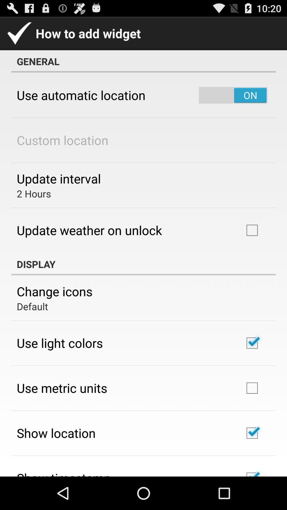 The height and width of the screenshot is (510, 287). Describe the element at coordinates (63, 473) in the screenshot. I see `show timestamp icon` at that location.